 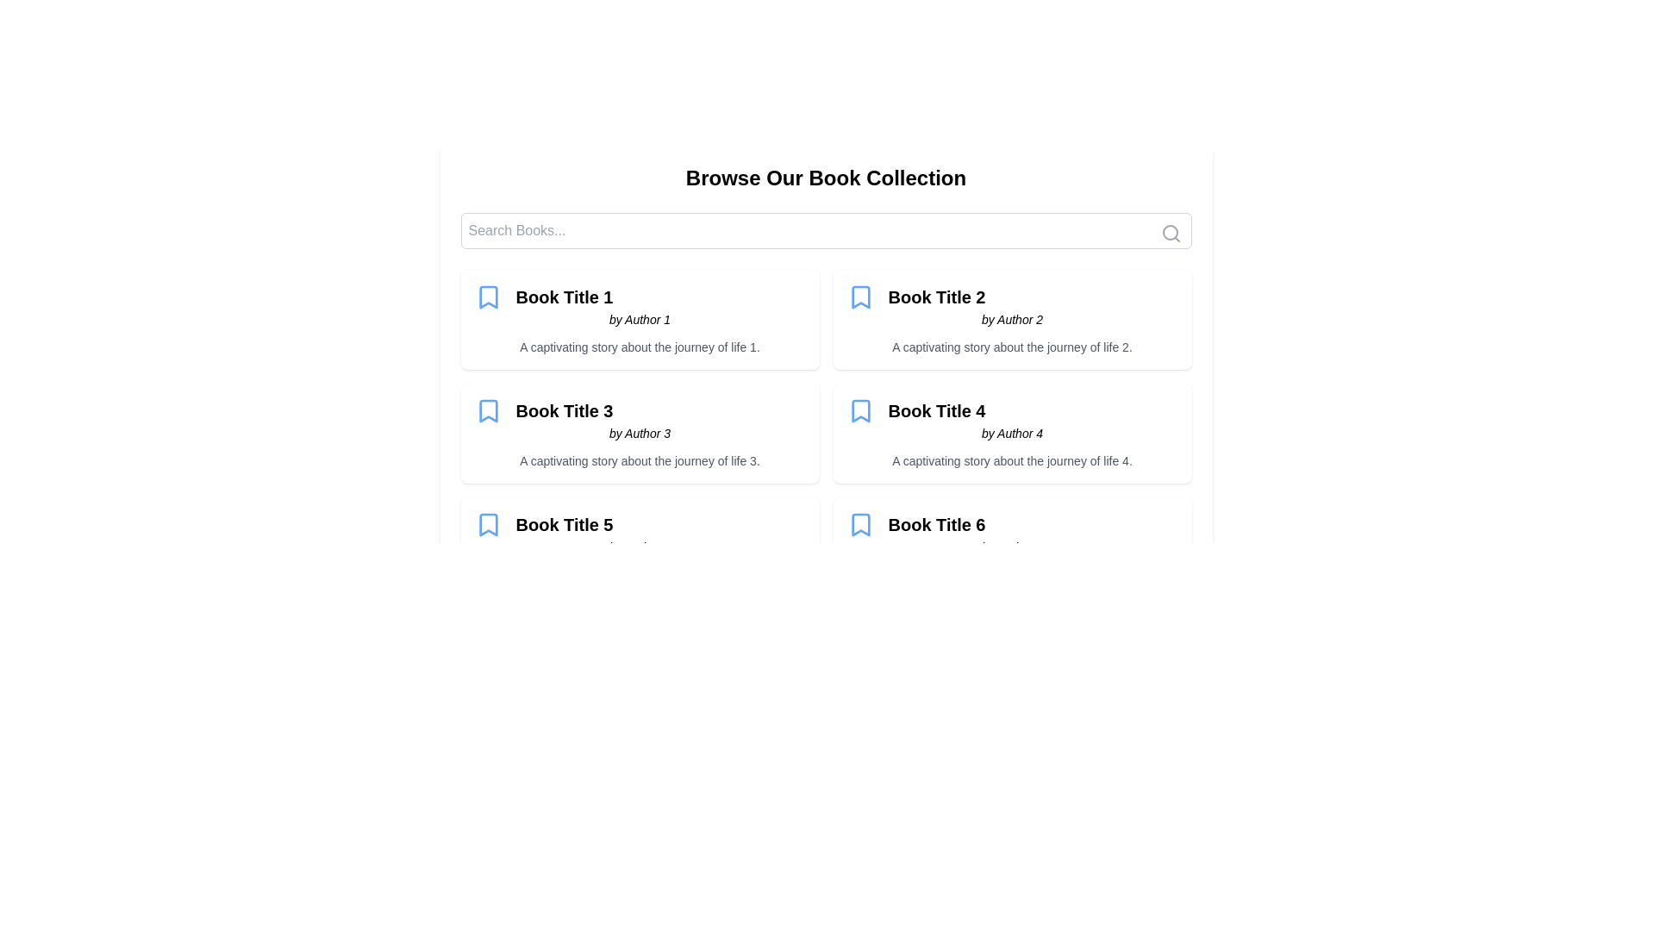 I want to click on the Text Label that provides a description for the book titled 'Book Title 2', located in the second card of the second column, beneath the title and author name, so click(x=1012, y=347).